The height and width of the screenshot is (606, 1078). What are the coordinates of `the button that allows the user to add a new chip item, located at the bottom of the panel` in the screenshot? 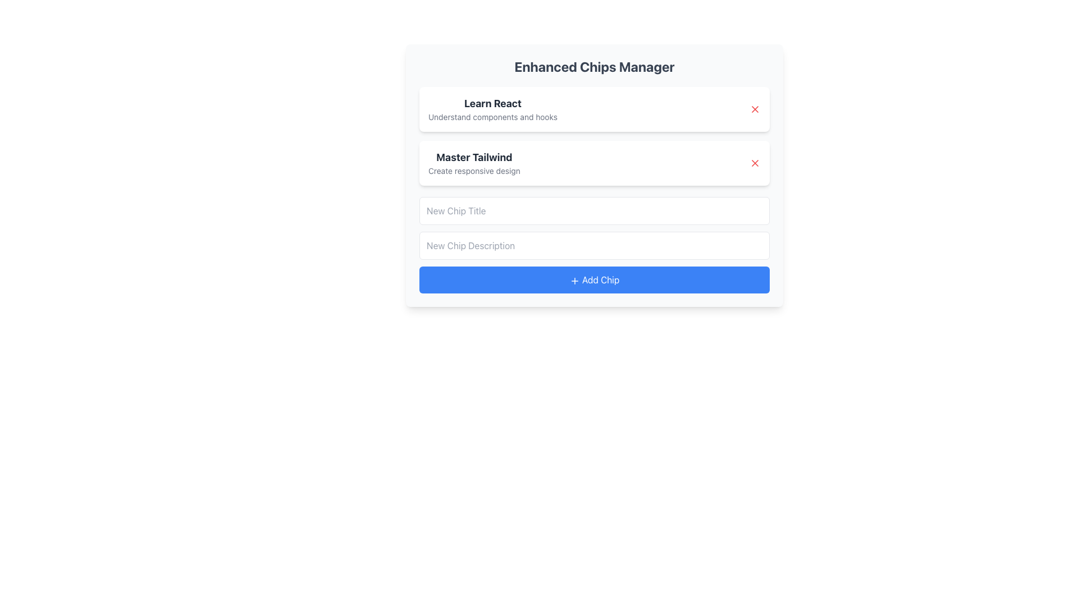 It's located at (594, 279).